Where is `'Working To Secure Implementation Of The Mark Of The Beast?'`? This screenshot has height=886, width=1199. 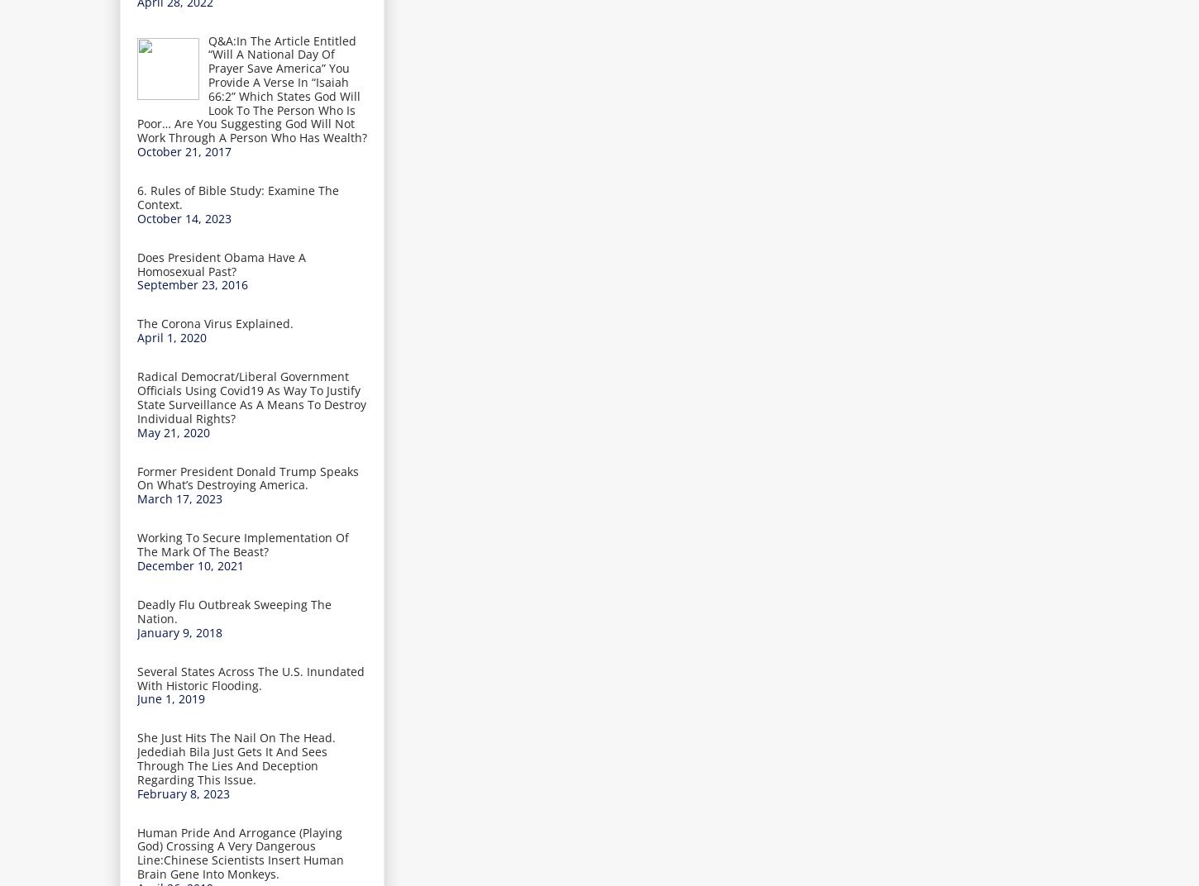 'Working To Secure Implementation Of The Mark Of The Beast?' is located at coordinates (243, 544).